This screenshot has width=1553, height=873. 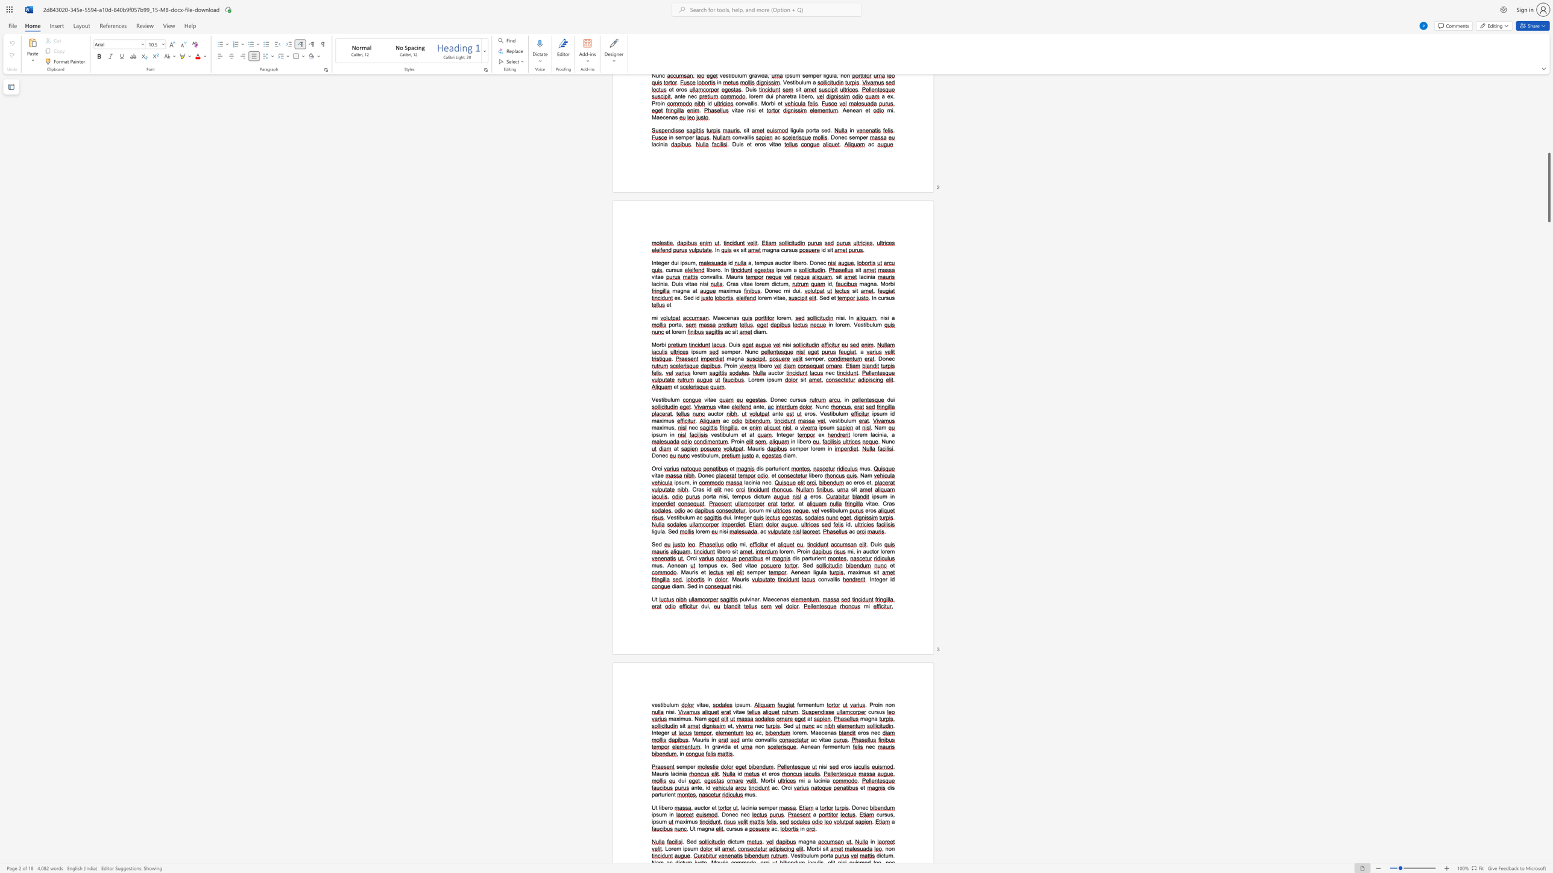 I want to click on the space between the continuous character "a" and "u" in the text, so click(x=688, y=572).